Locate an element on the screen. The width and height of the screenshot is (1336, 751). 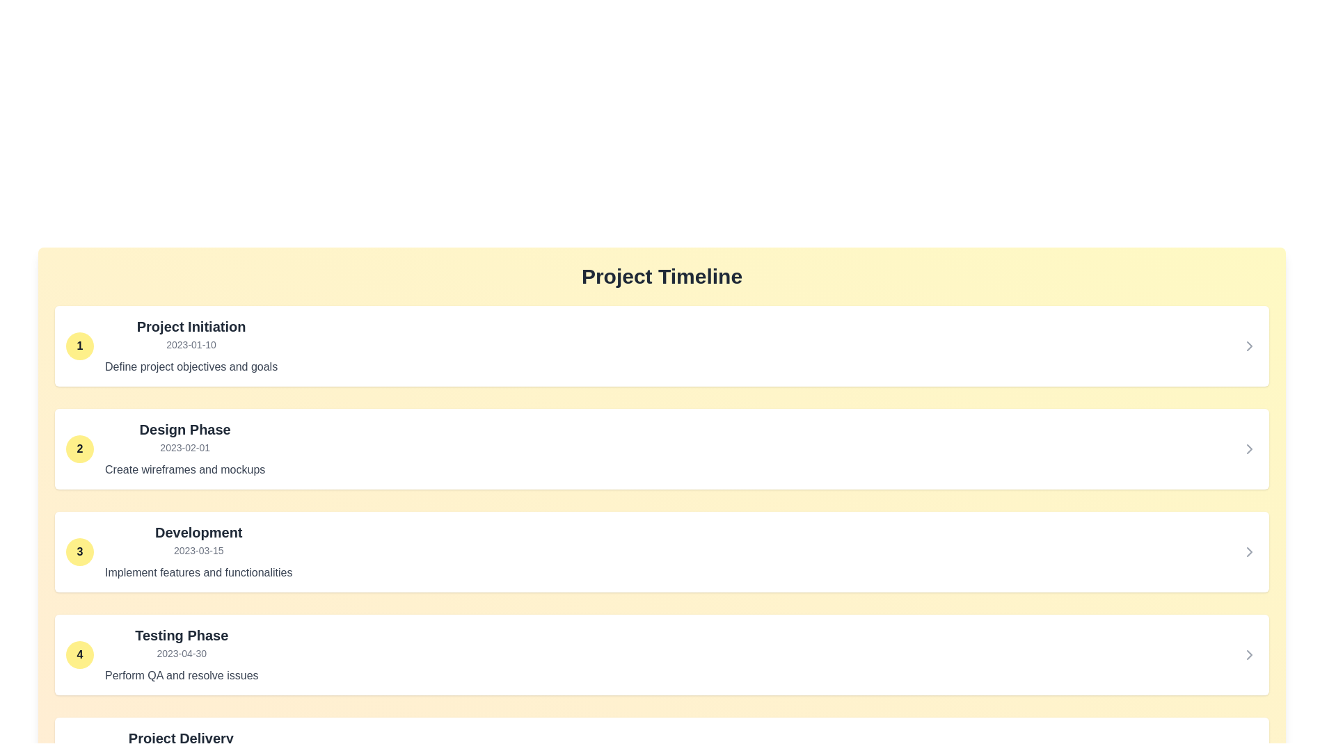
the timestamp Text Label located in the third task card of the vertical timeline layout, which is centered below the 'Development' title and above the 'Implement features and functionalities' text is located at coordinates (198, 549).